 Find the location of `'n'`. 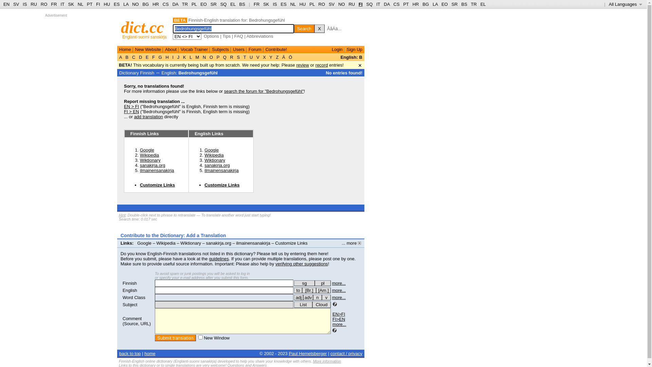

'n' is located at coordinates (317, 297).